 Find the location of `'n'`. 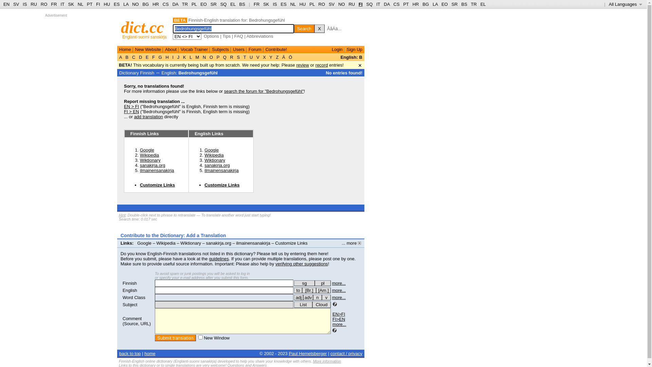

'n' is located at coordinates (317, 297).